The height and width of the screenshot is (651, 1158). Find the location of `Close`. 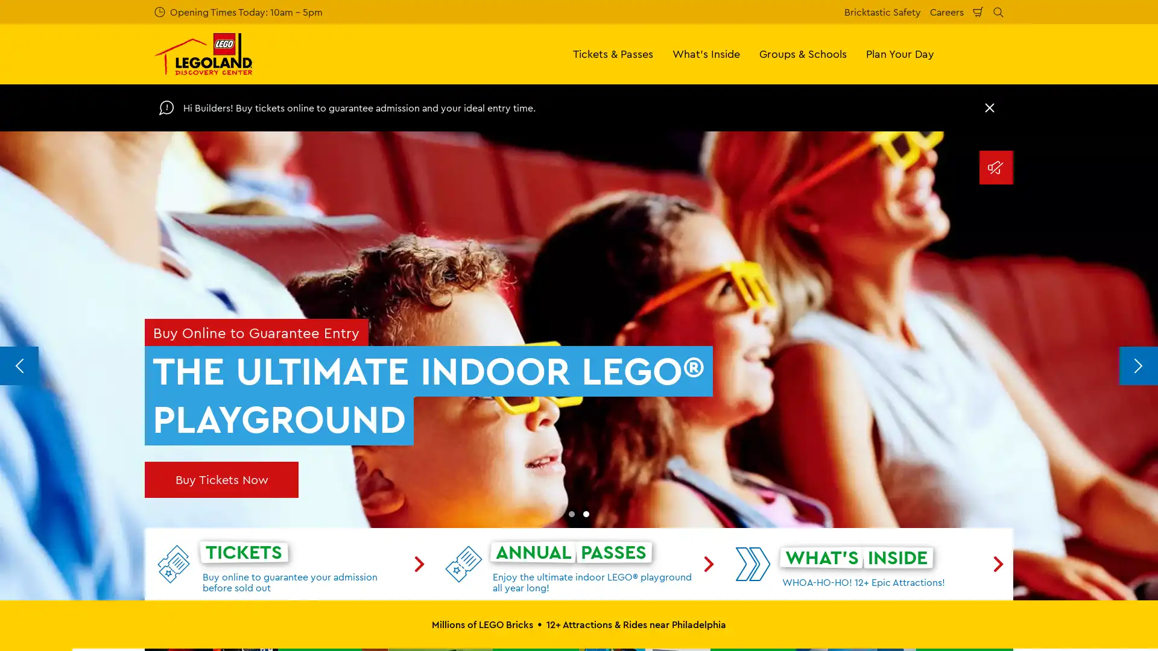

Close is located at coordinates (990, 107).